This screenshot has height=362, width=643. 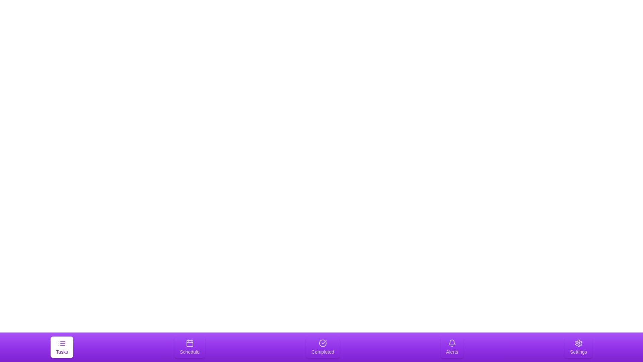 I want to click on the Alerts tab to select it, so click(x=452, y=347).